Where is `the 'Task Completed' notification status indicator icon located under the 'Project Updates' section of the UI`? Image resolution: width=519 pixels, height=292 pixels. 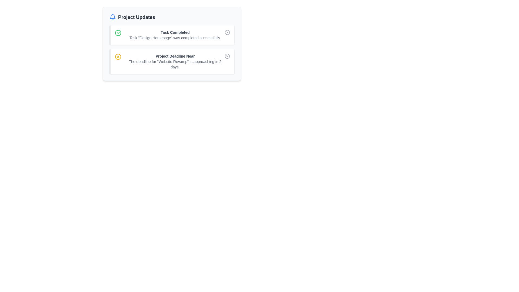 the 'Task Completed' notification status indicator icon located under the 'Project Updates' section of the UI is located at coordinates (118, 33).